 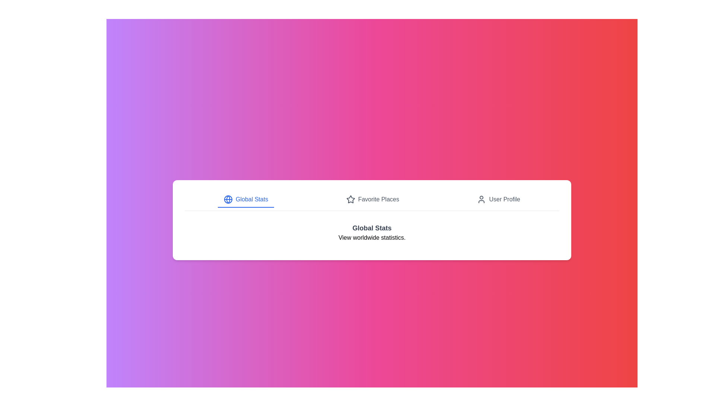 What do you see at coordinates (499, 199) in the screenshot?
I see `the 'User Profile' menu item in the navigation bar, which is the third item and is styled with gray text and a user icon` at bounding box center [499, 199].